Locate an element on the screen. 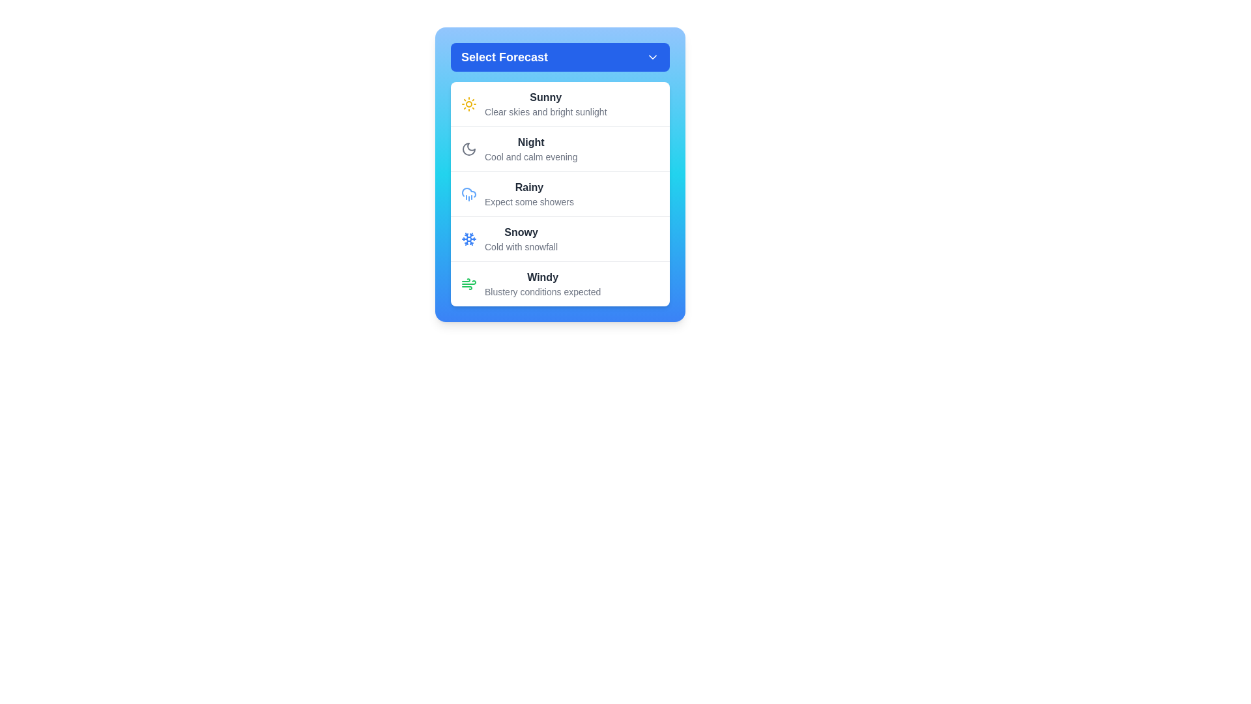 Image resolution: width=1251 pixels, height=704 pixels. text label displaying 'Cool and calm evening', which is a smaller gray-colored font subtitle located directly below the bold 'Night' label in the forecast options list is located at coordinates (531, 156).